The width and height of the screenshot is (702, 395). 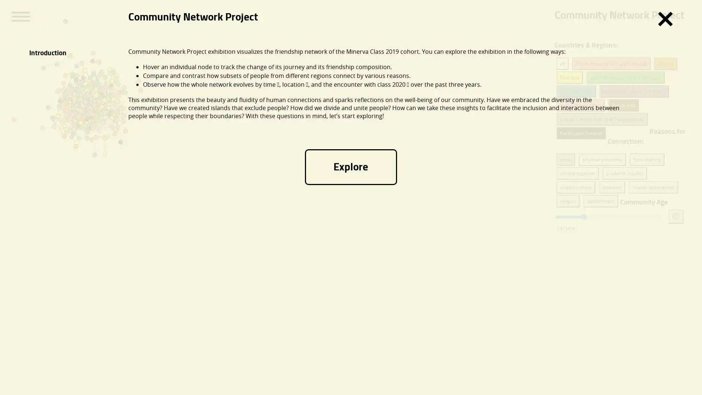 What do you see at coordinates (562, 63) in the screenshot?
I see `all` at bounding box center [562, 63].